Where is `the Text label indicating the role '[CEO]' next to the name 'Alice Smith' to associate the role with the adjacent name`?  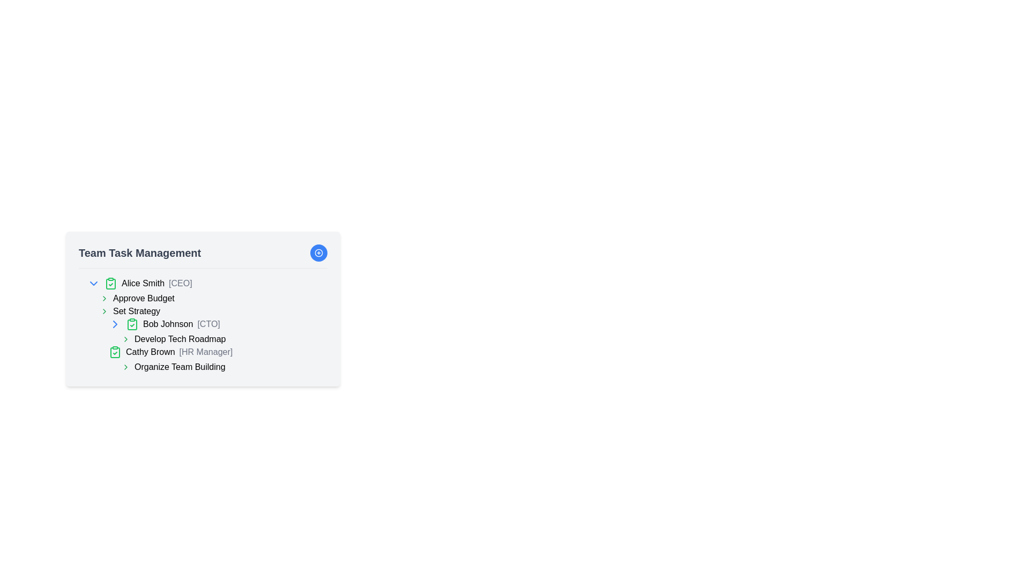
the Text label indicating the role '[CEO]' next to the name 'Alice Smith' to associate the role with the adjacent name is located at coordinates (180, 283).